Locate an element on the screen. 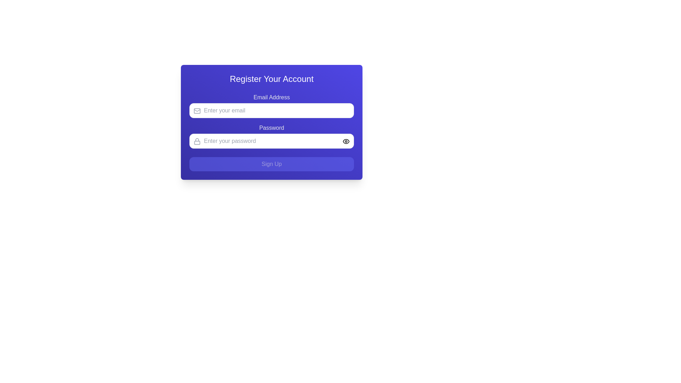  the submission button located at the bottom of the registration form is located at coordinates (271, 164).